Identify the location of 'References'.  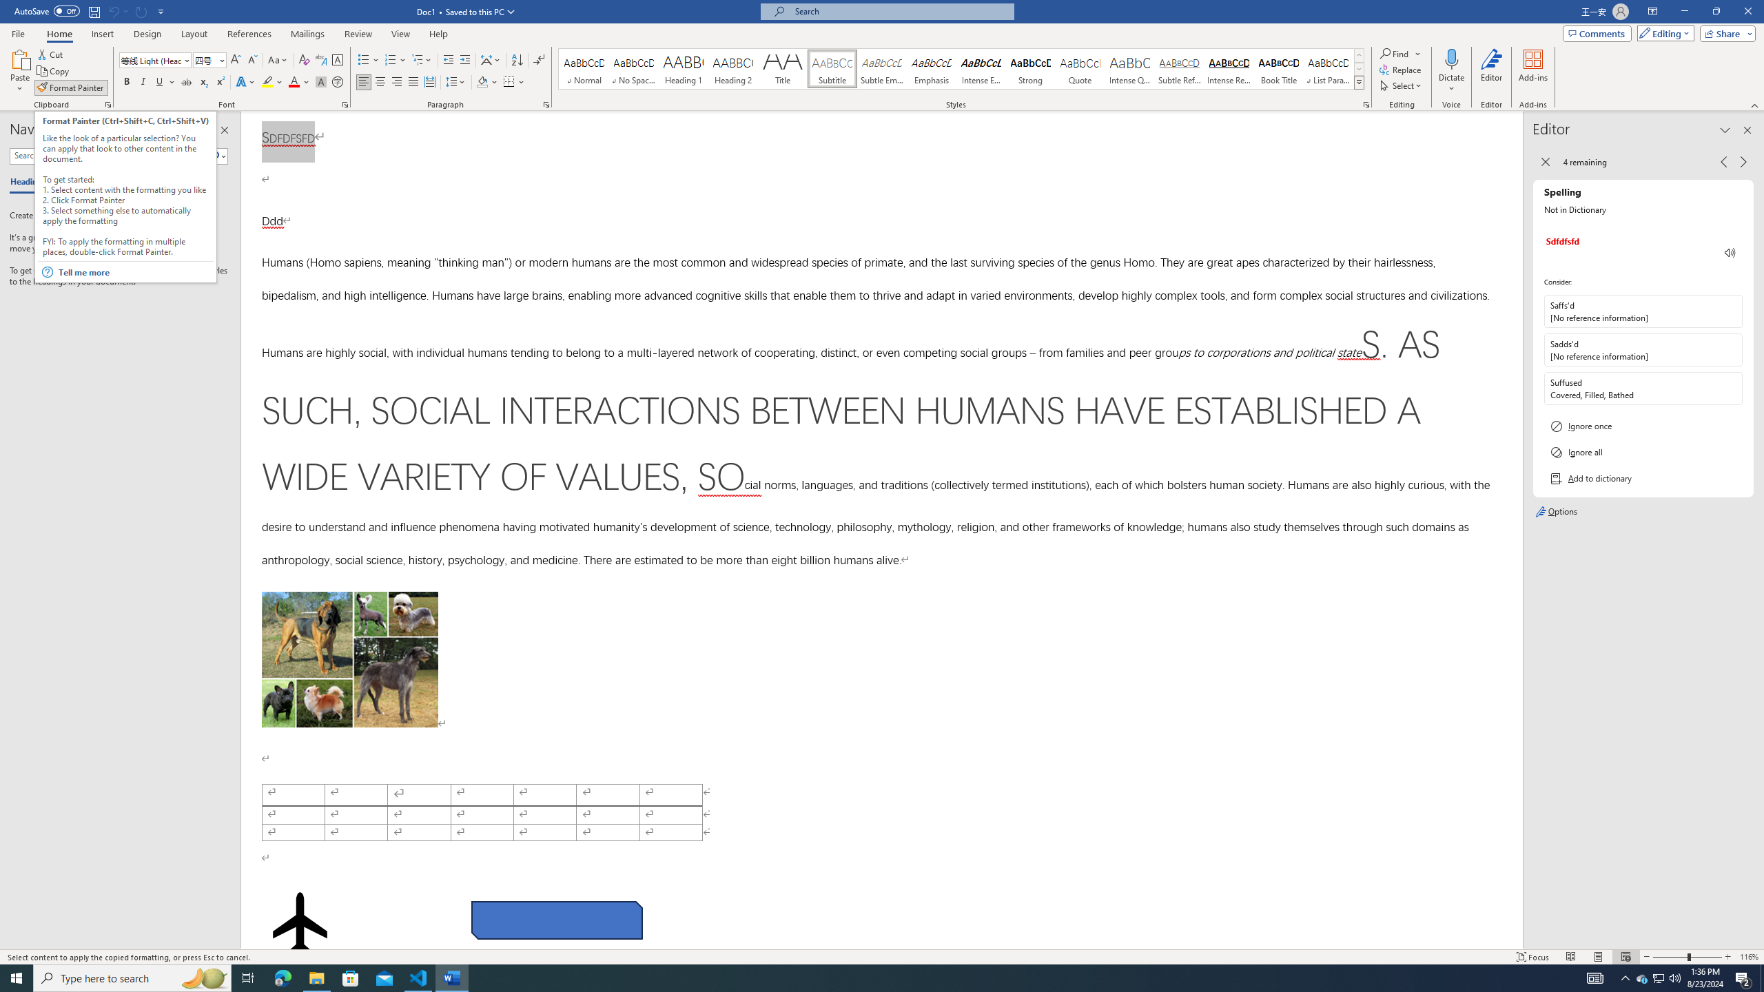
(249, 34).